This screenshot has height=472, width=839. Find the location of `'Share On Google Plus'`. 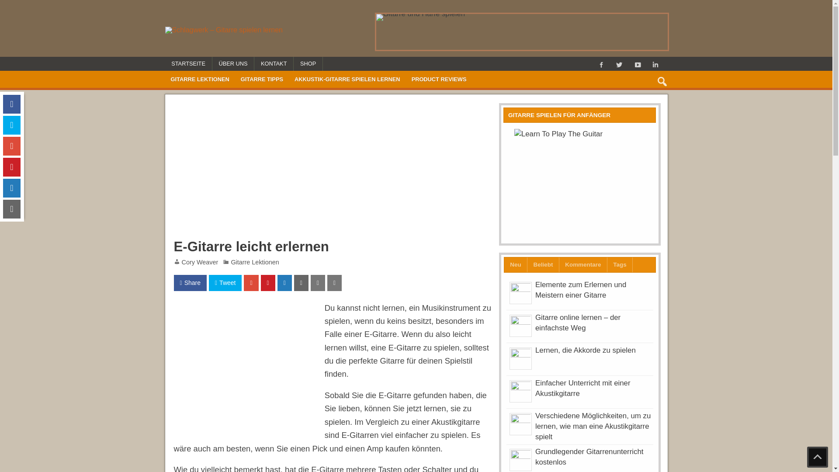

'Share On Google Plus' is located at coordinates (12, 146).